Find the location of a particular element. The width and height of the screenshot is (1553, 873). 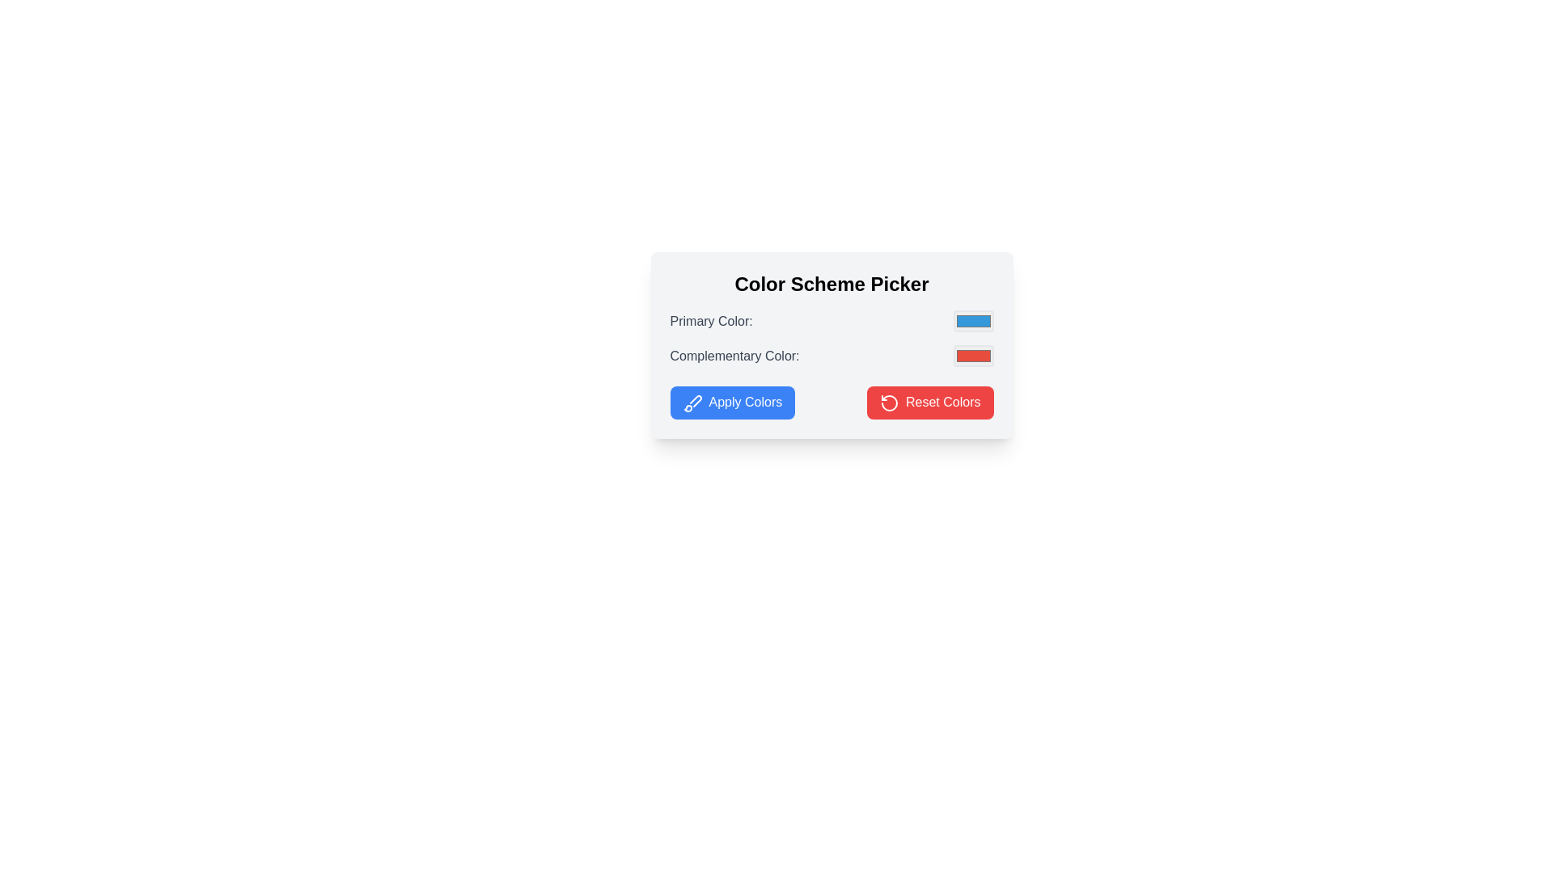

the label that describes the color picker component, which is positioned to the left of the color picker interface is located at coordinates (711, 321).